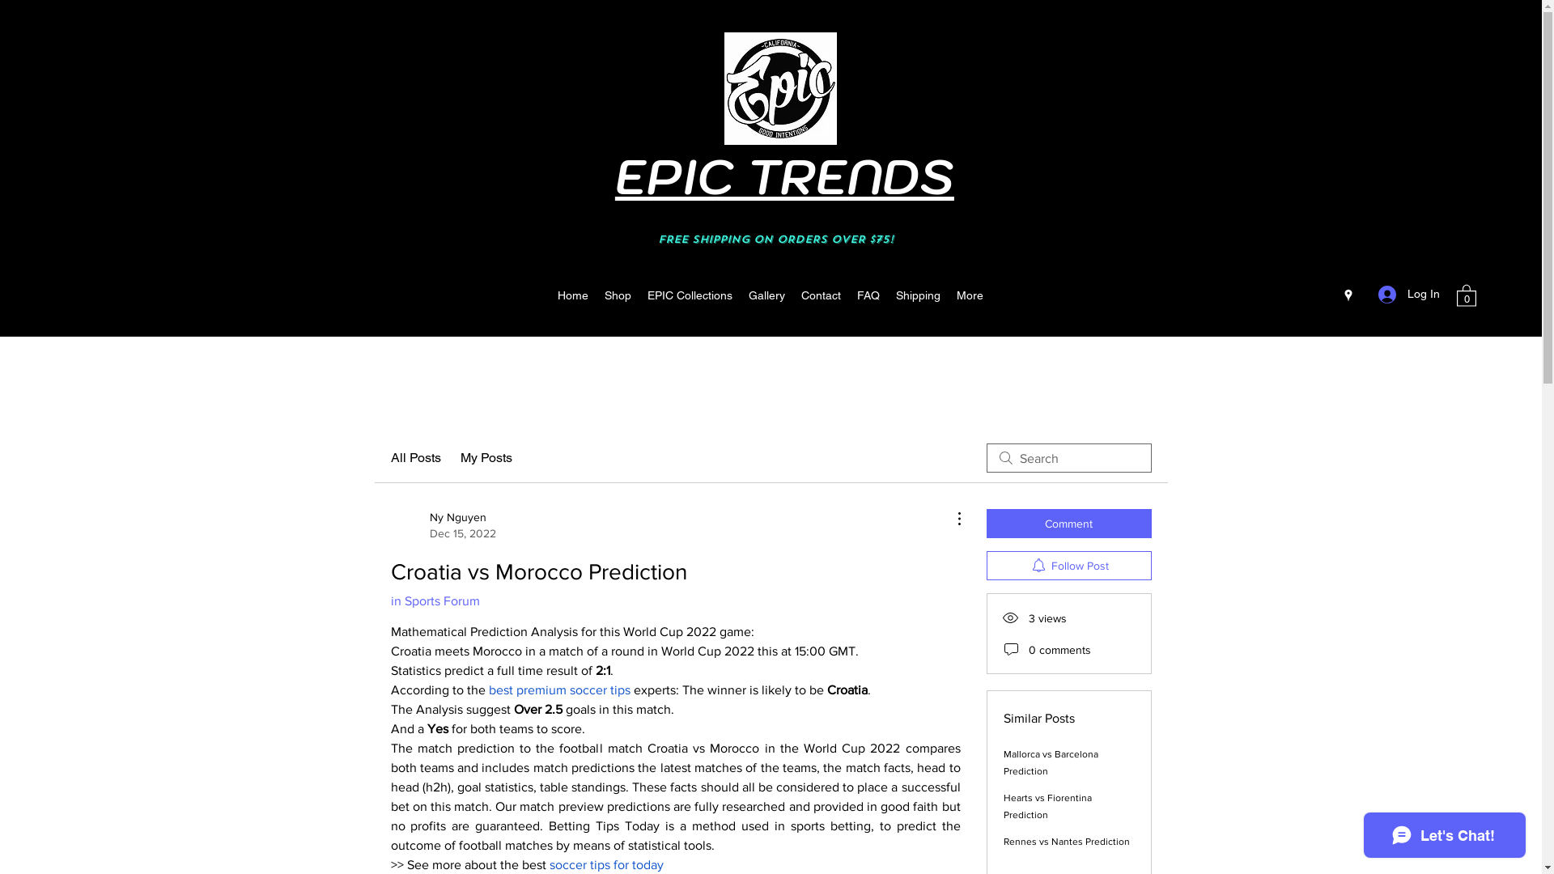 Image resolution: width=1554 pixels, height=874 pixels. Describe the element at coordinates (443, 524) in the screenshot. I see `'Ny Nguyen` at that location.